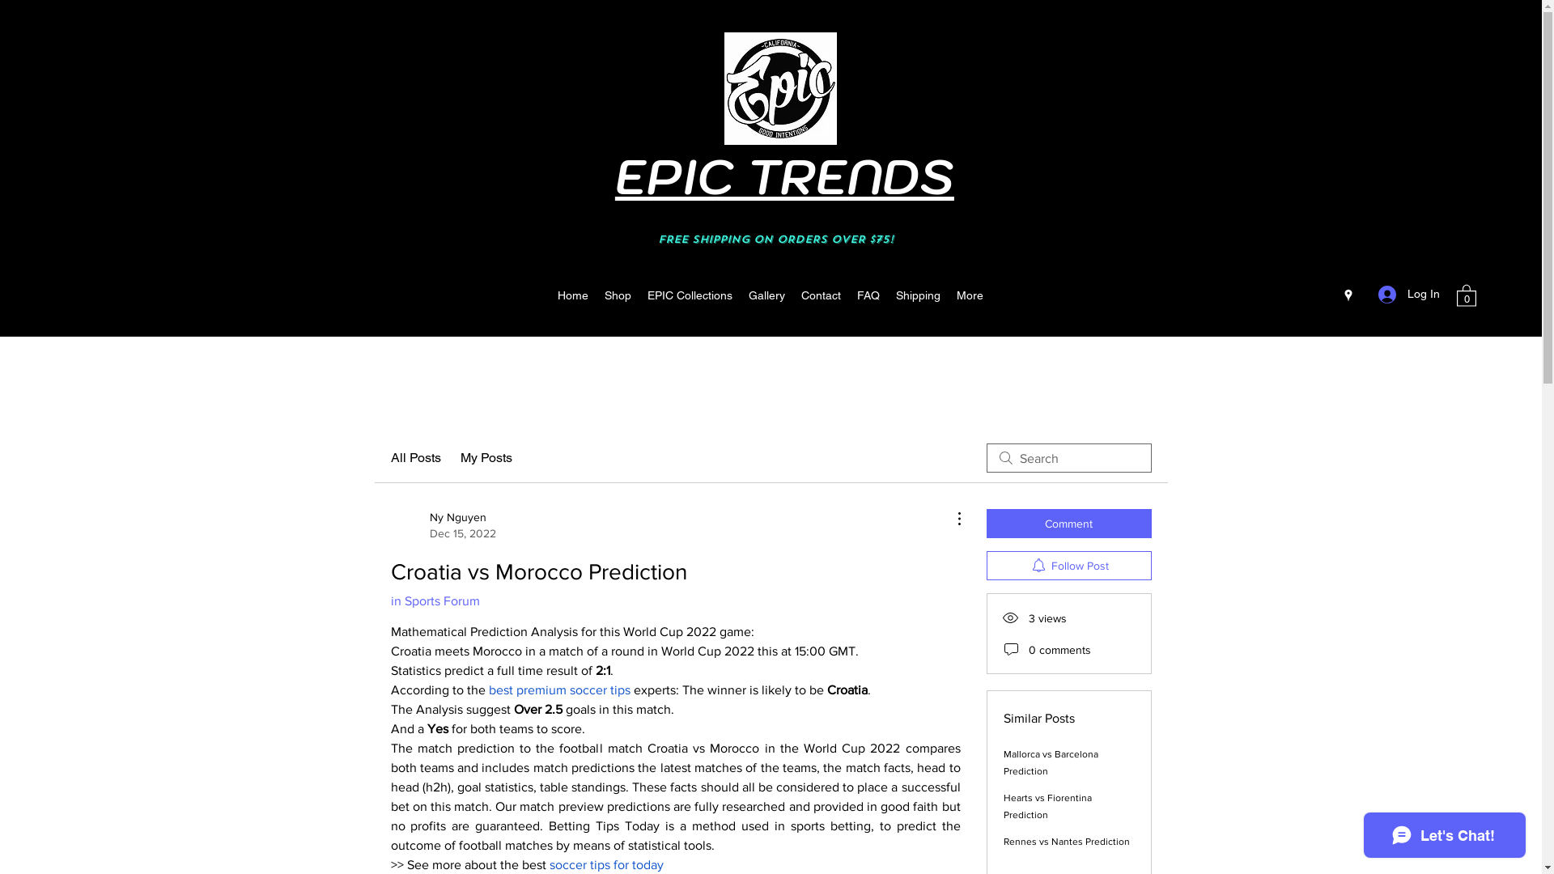 Image resolution: width=1554 pixels, height=874 pixels. Describe the element at coordinates (443, 524) in the screenshot. I see `'Ny Nguyen` at that location.